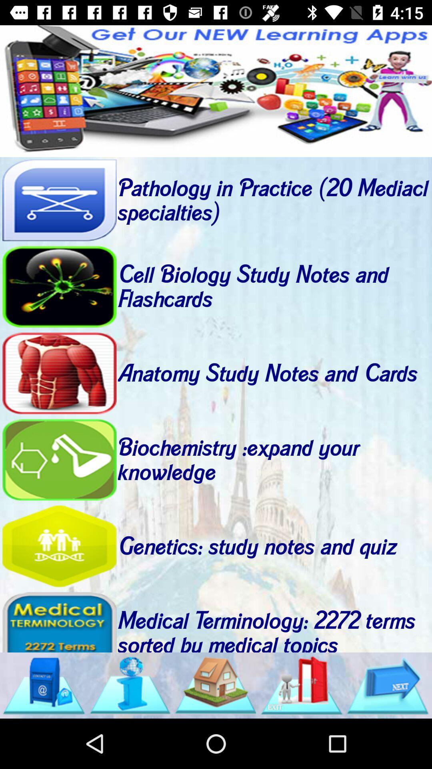 The height and width of the screenshot is (769, 432). I want to click on medical terminology, so click(59, 621).